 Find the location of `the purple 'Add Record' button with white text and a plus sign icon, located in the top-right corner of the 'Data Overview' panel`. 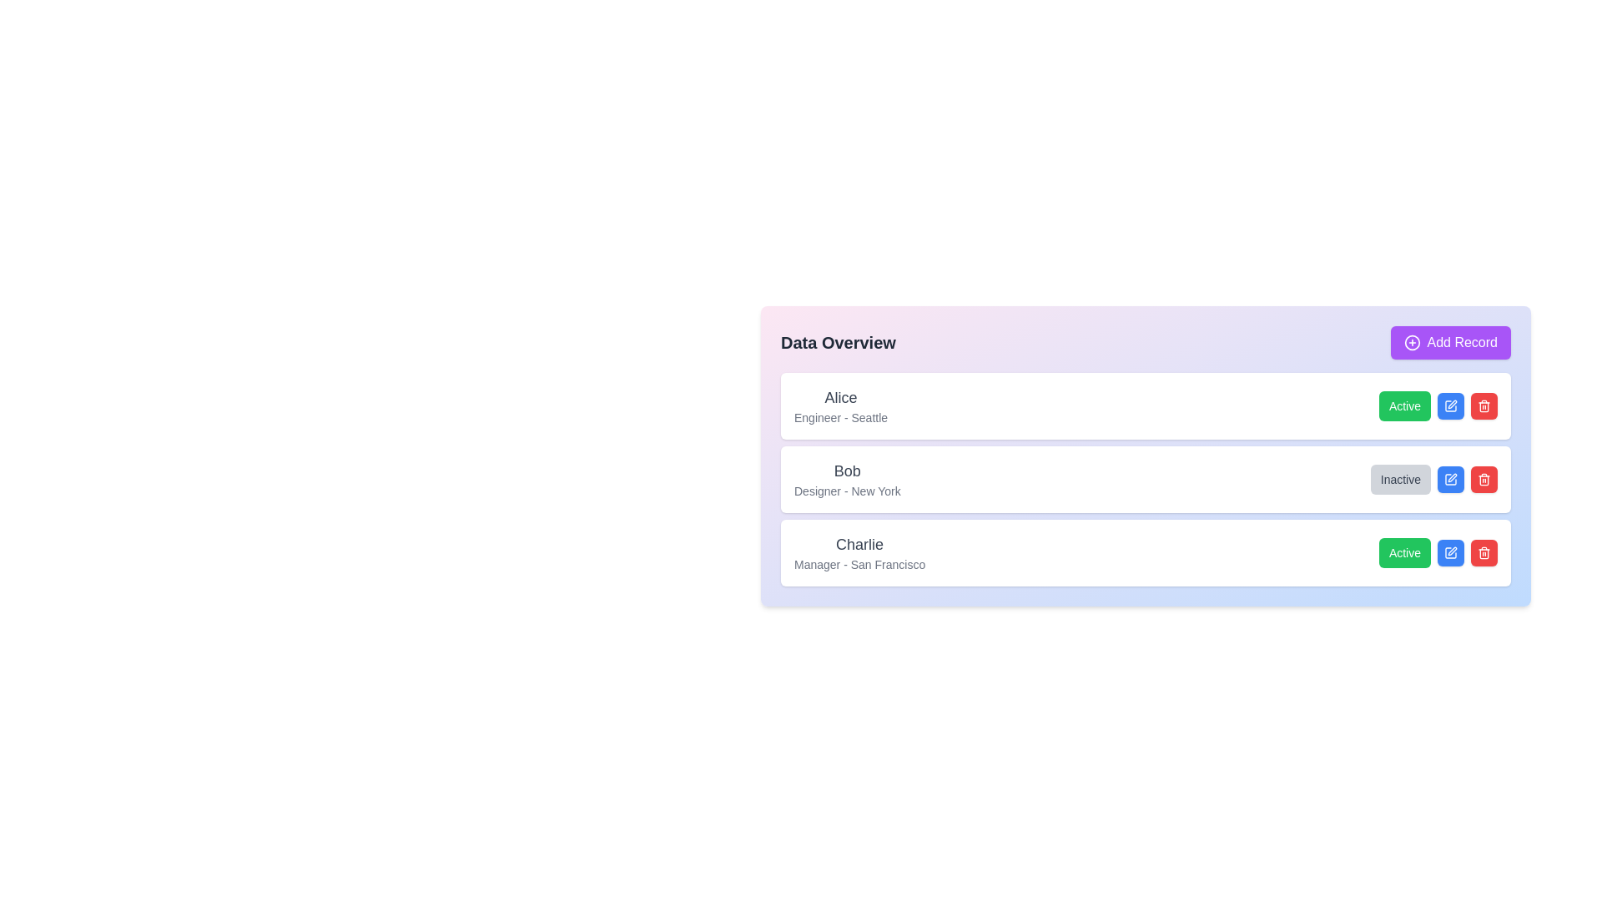

the purple 'Add Record' button with white text and a plus sign icon, located in the top-right corner of the 'Data Overview' panel is located at coordinates (1449, 342).